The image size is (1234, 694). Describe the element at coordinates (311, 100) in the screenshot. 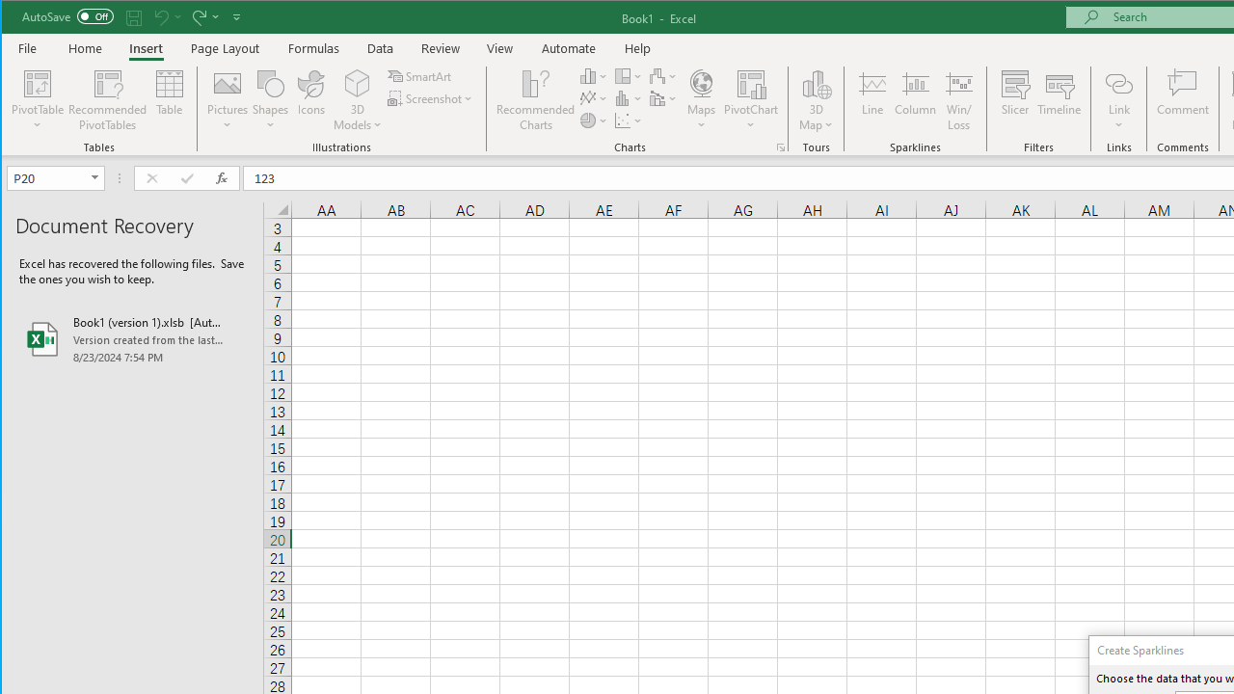

I see `'Icons'` at that location.